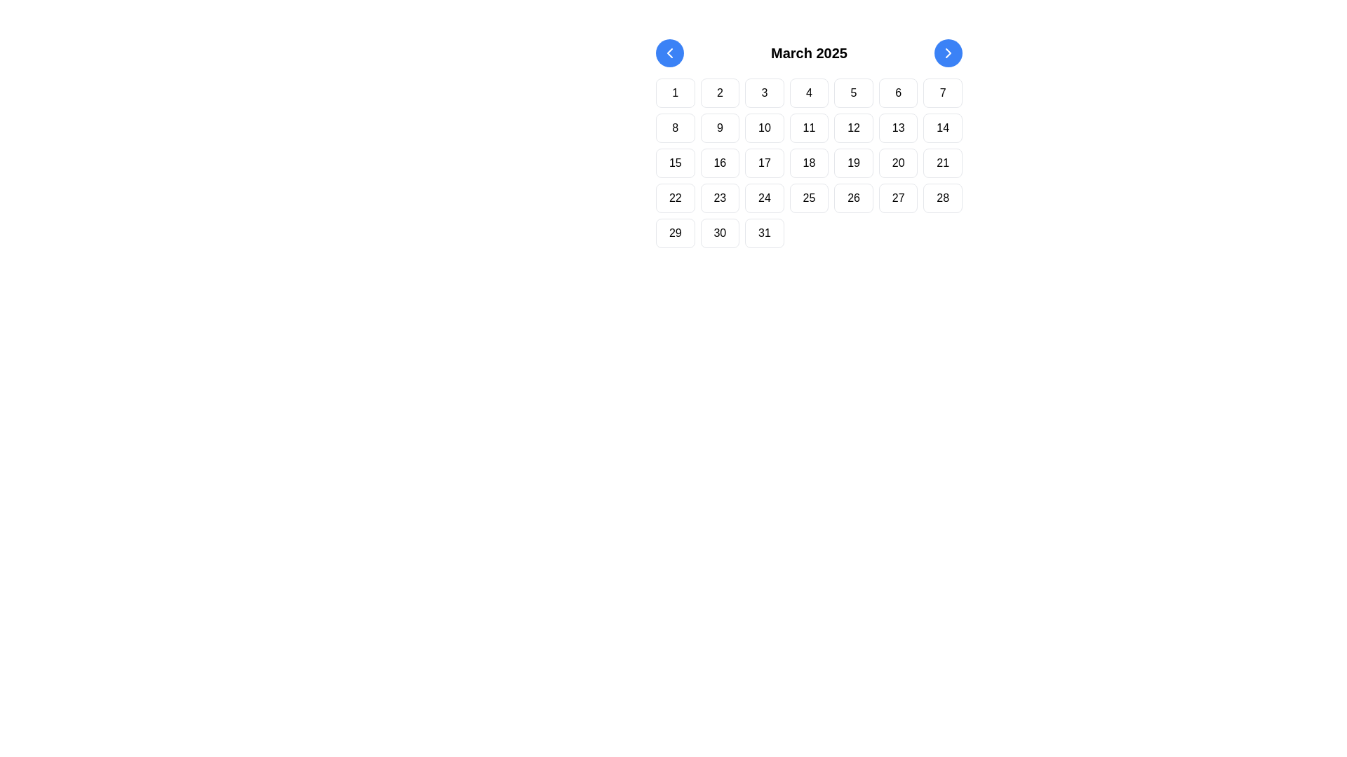  Describe the element at coordinates (949, 53) in the screenshot. I see `the rightward-pointing chevron icon located at the far right of the header bar next to the month title` at that location.